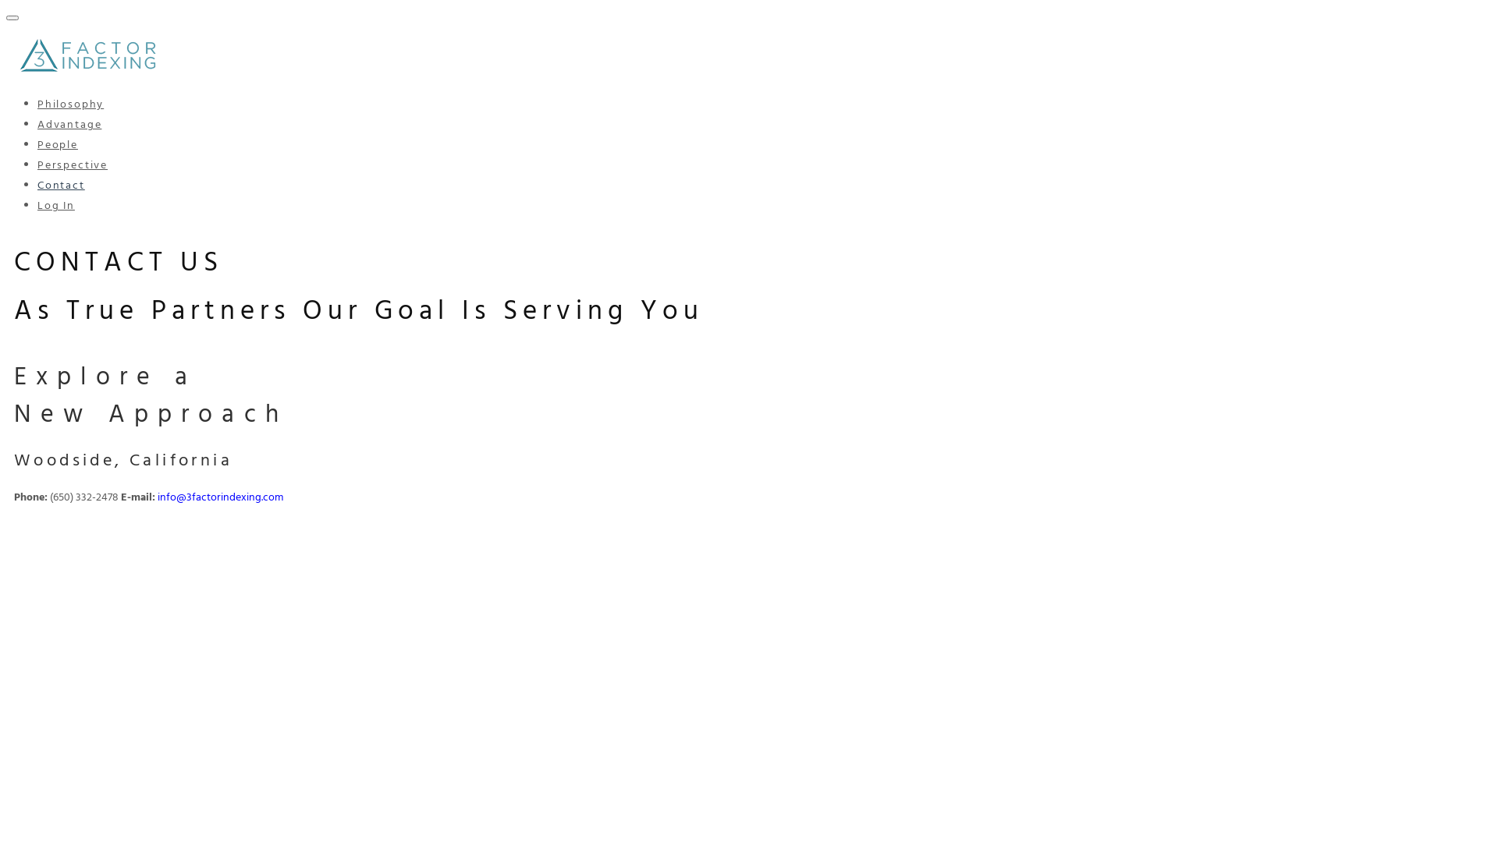 The height and width of the screenshot is (842, 1498). What do you see at coordinates (61, 185) in the screenshot?
I see `'Contact'` at bounding box center [61, 185].